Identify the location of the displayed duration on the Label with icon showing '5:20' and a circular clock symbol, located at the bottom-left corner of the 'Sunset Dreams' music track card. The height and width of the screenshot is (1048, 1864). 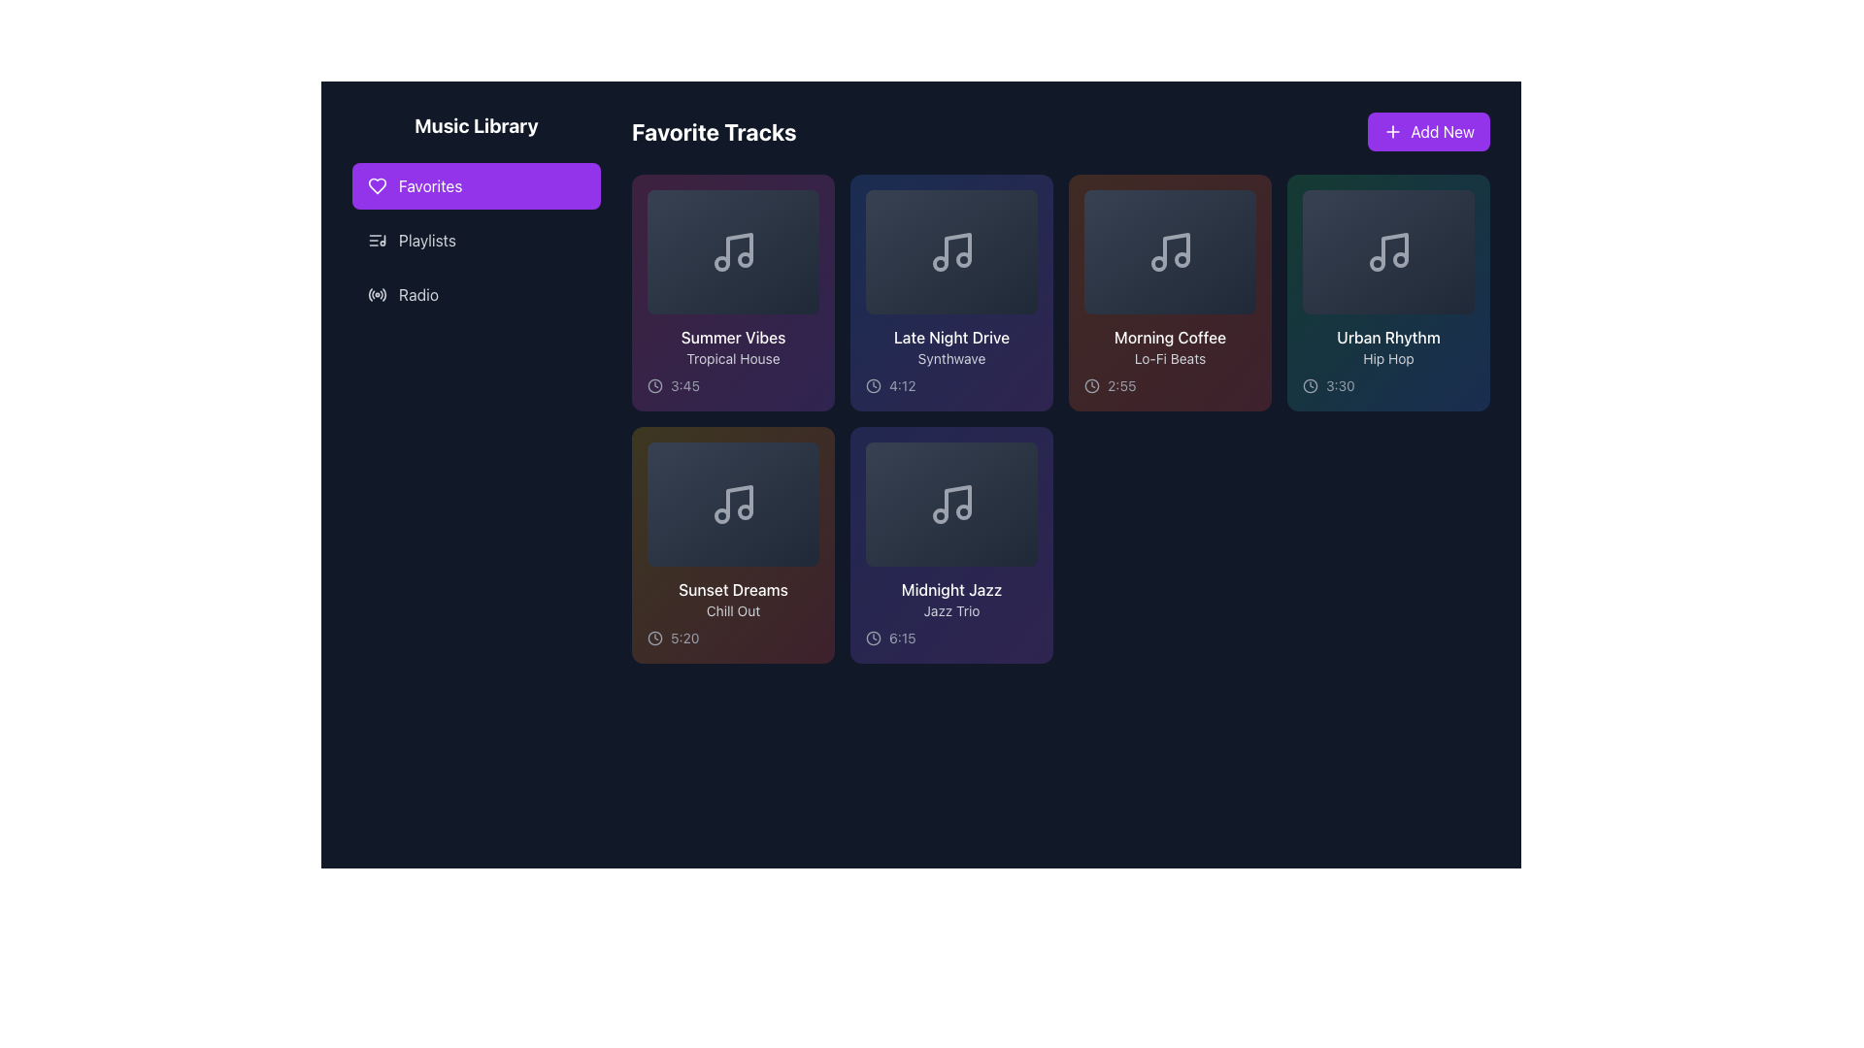
(732, 639).